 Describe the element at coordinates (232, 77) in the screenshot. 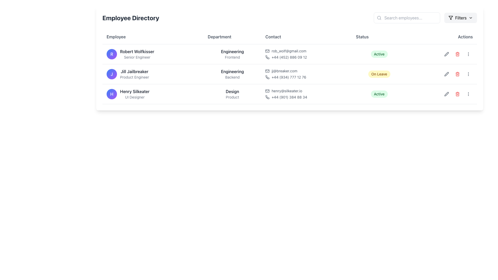

I see `the text label specifying the sub-department of 'Engineering' as 'Backend', positioned below the 'Engineering' text in the 'Department' column of the table` at that location.